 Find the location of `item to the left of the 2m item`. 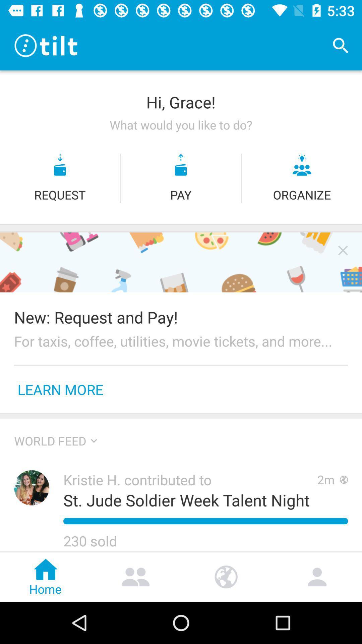

item to the left of the 2m item is located at coordinates (186, 500).